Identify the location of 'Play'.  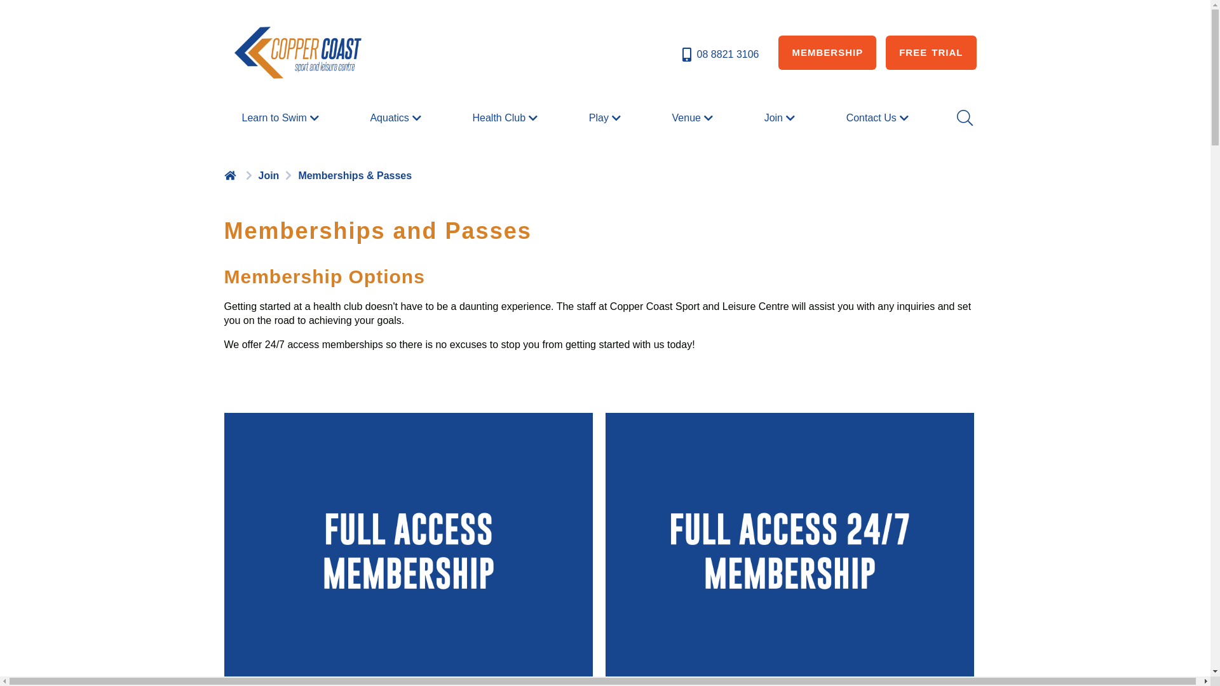
(606, 118).